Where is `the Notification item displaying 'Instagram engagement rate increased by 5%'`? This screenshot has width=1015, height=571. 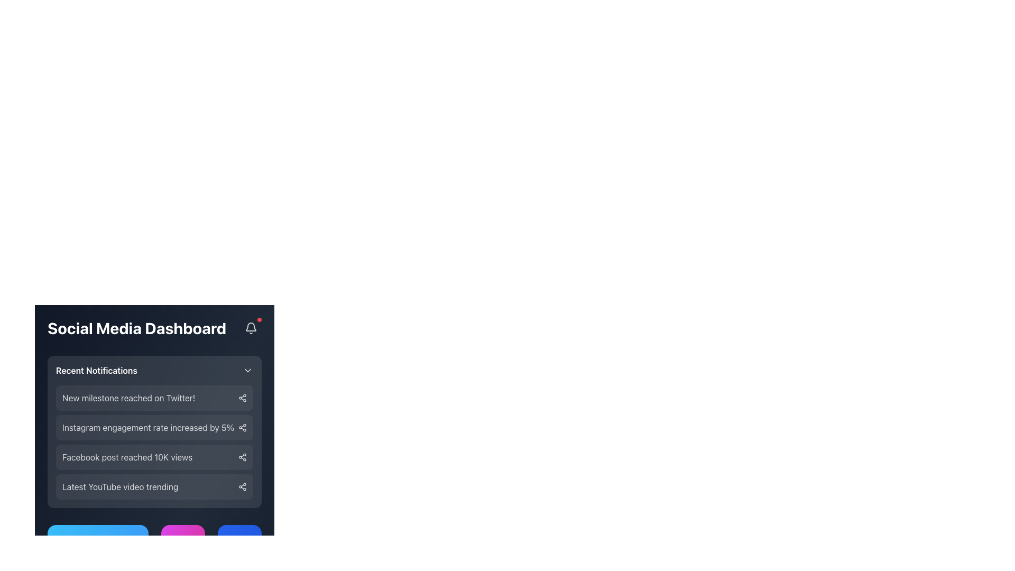
the Notification item displaying 'Instagram engagement rate increased by 5%' is located at coordinates (154, 443).